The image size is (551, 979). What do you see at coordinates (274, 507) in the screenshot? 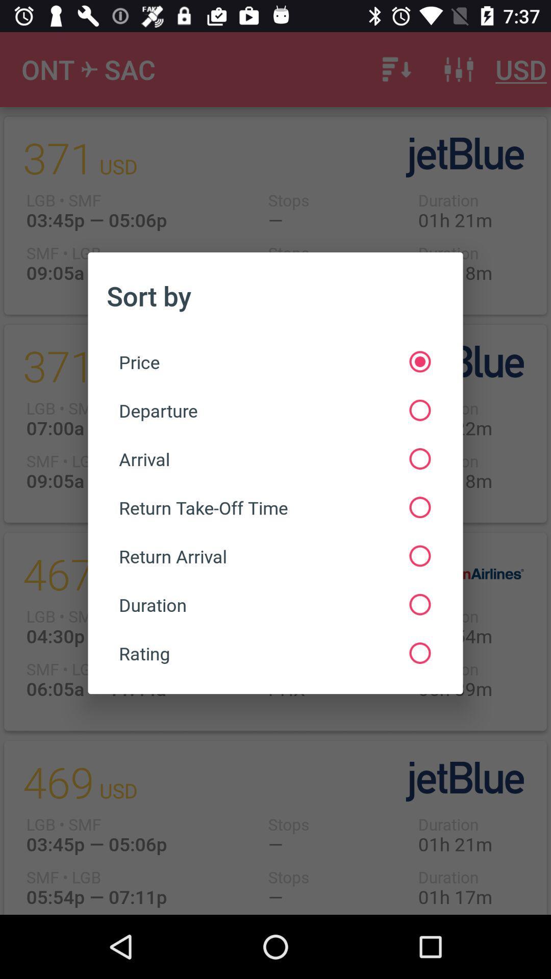
I see `the return take off` at bounding box center [274, 507].